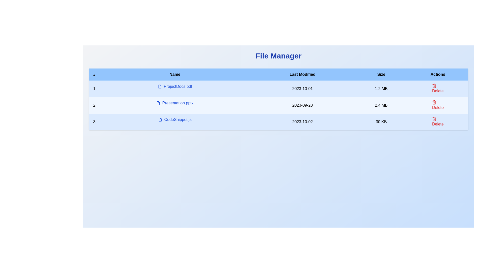  Describe the element at coordinates (438, 122) in the screenshot. I see `the third 'Delete' button in the 'Actions' column of the 'File Manager'` at that location.